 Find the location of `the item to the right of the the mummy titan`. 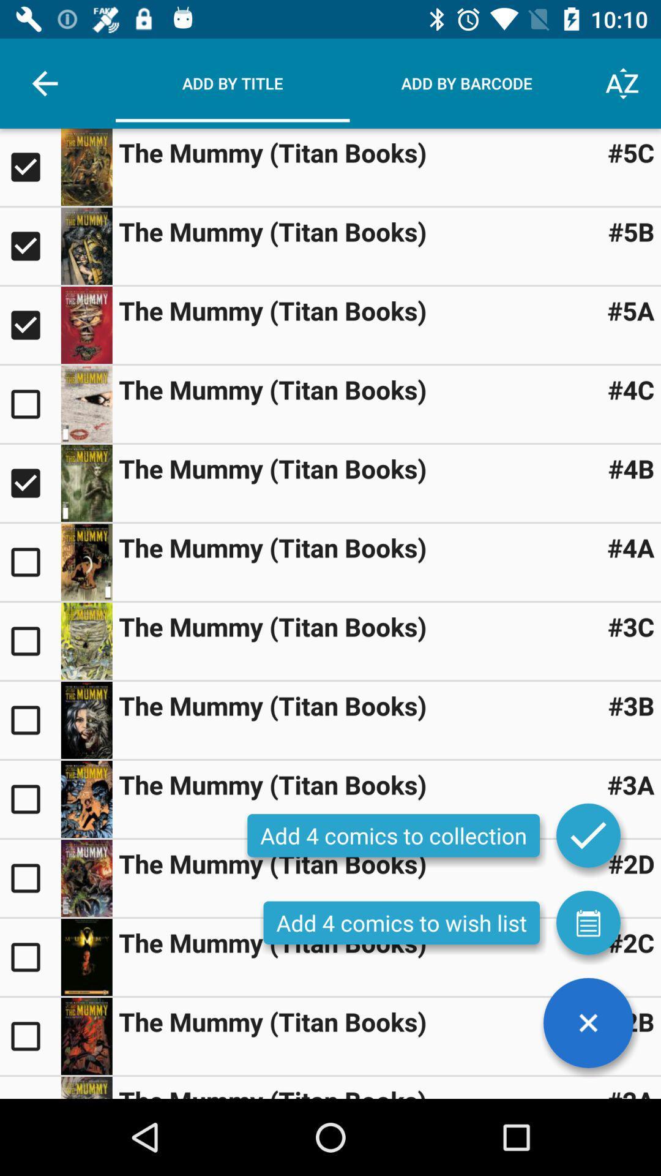

the item to the right of the the mummy titan is located at coordinates (631, 1022).